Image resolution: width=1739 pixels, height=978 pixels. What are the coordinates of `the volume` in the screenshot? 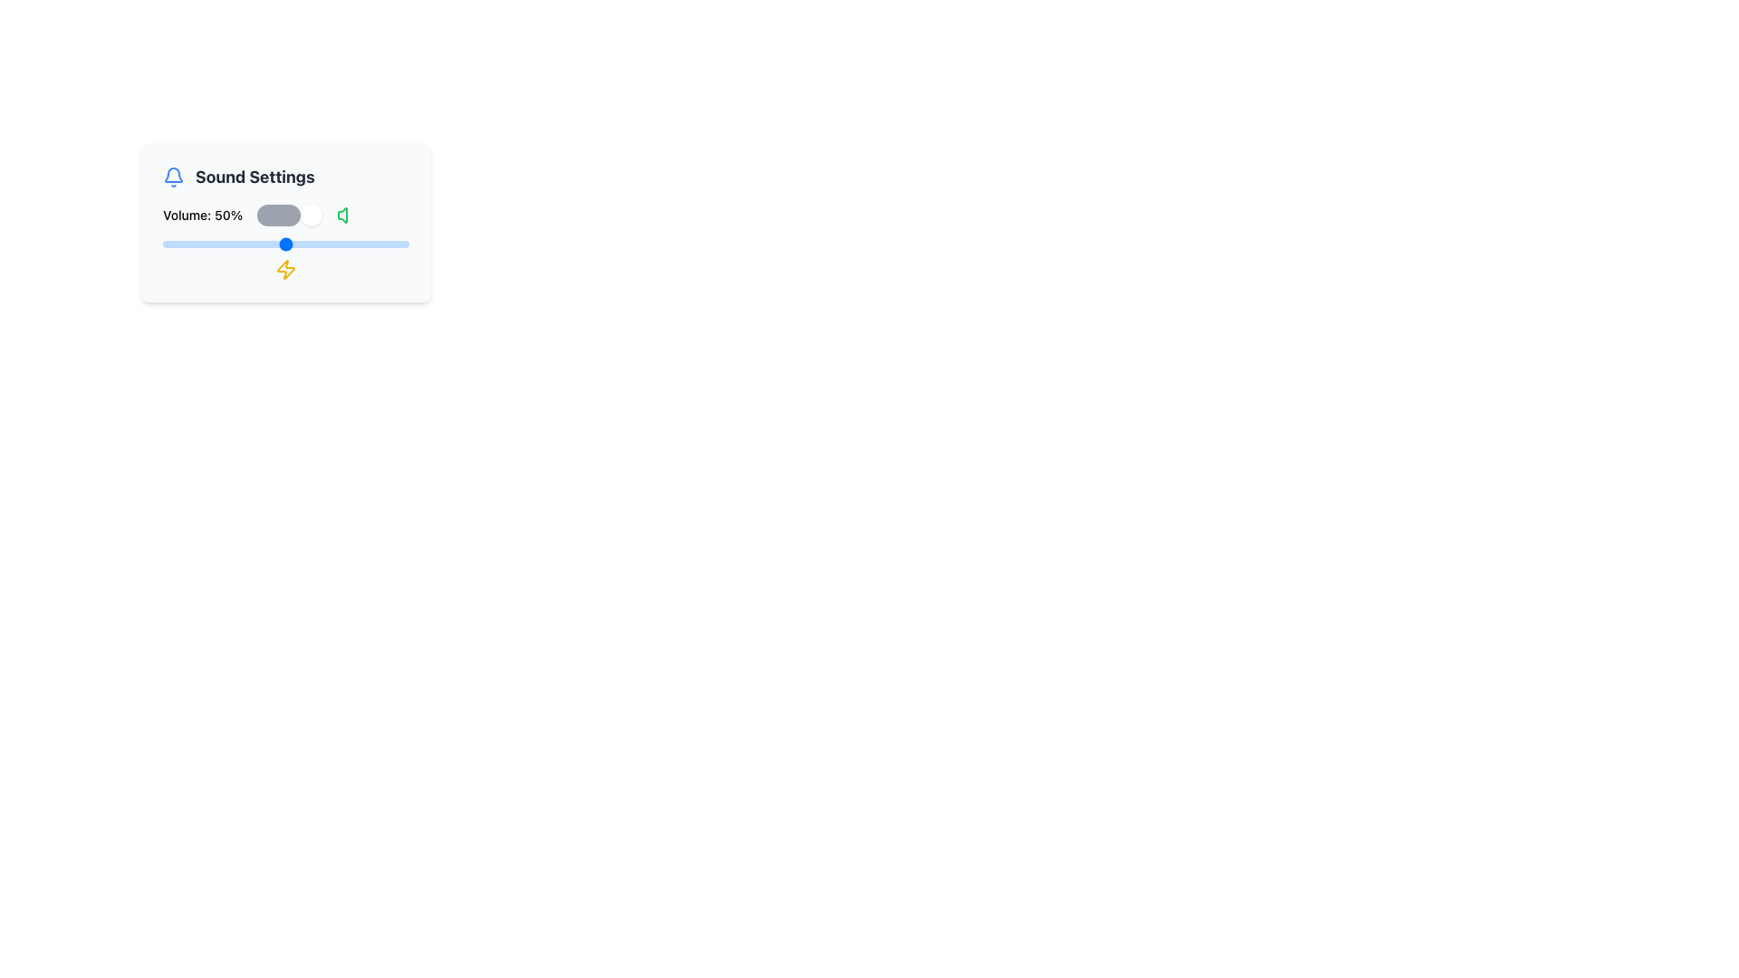 It's located at (376, 244).